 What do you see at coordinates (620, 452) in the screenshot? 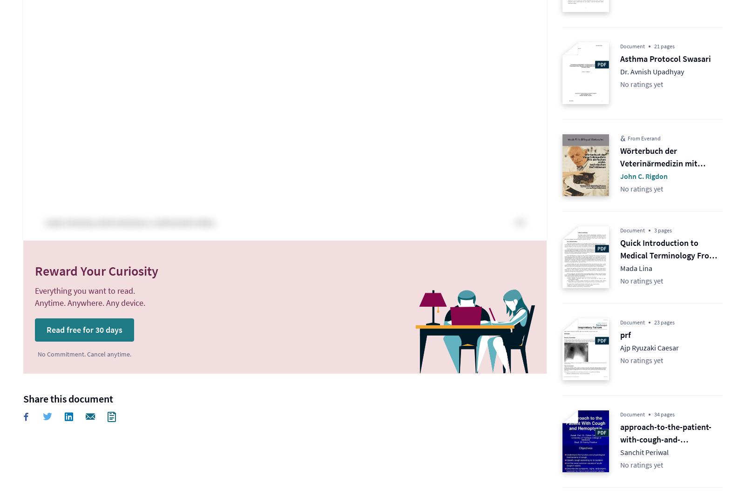
I see `'Sanchit Periwal'` at bounding box center [620, 452].